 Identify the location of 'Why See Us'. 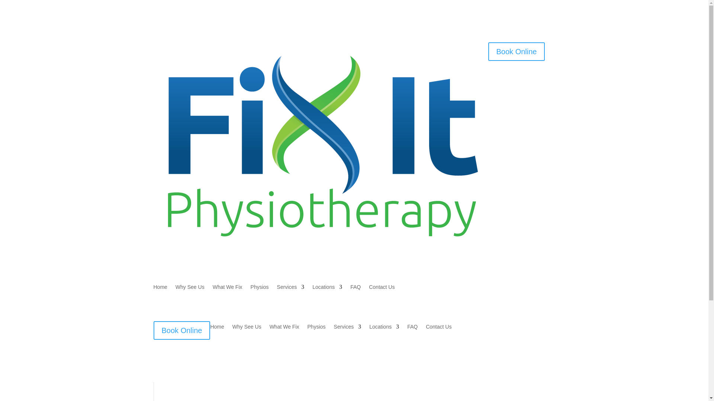
(190, 288).